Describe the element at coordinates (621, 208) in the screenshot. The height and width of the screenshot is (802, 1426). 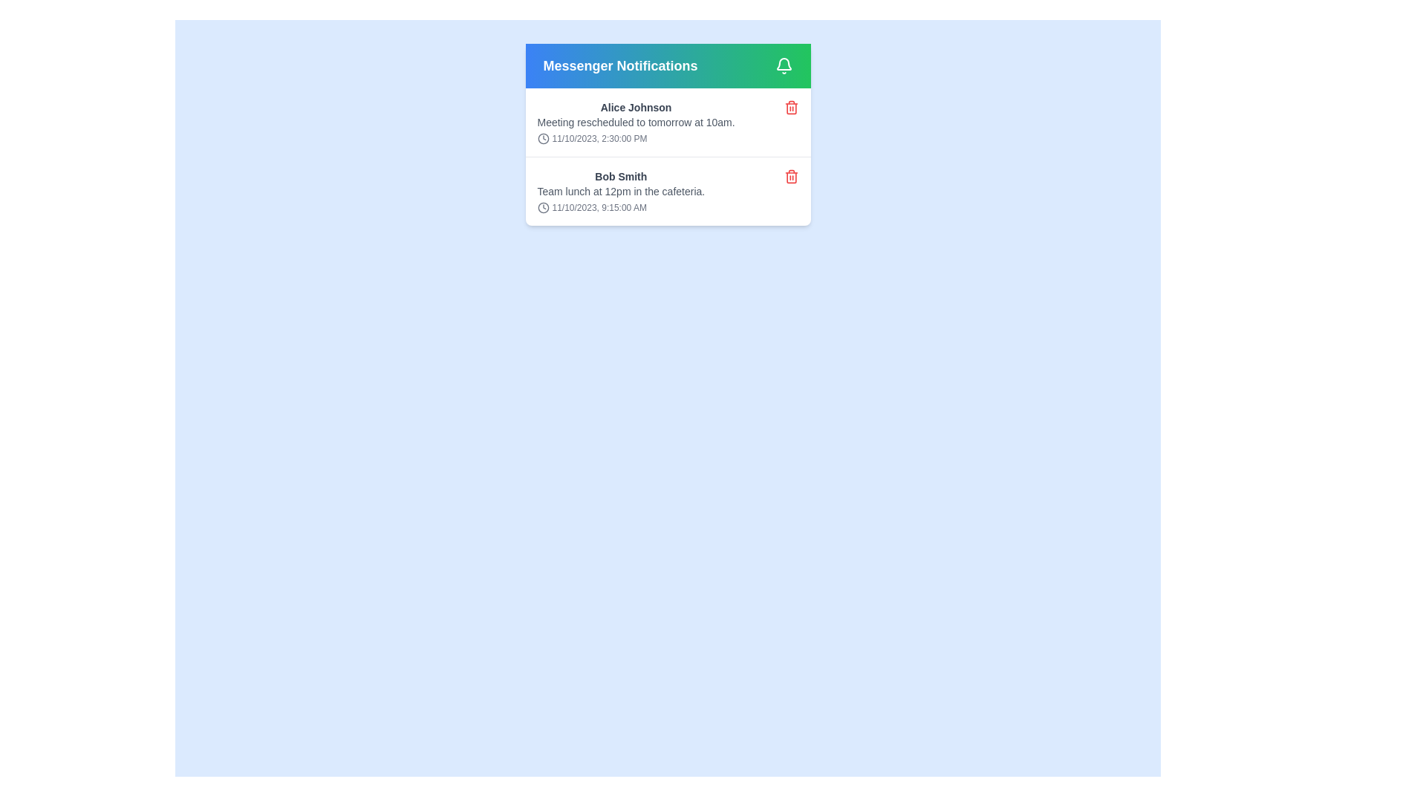
I see `timestamp information from the timestamp label with an icon located in the 'Bob Smith' notification block in the 'Messenger Notifications' section, positioned below the text 'Team lunch at 12pm in the cafeteria.'` at that location.